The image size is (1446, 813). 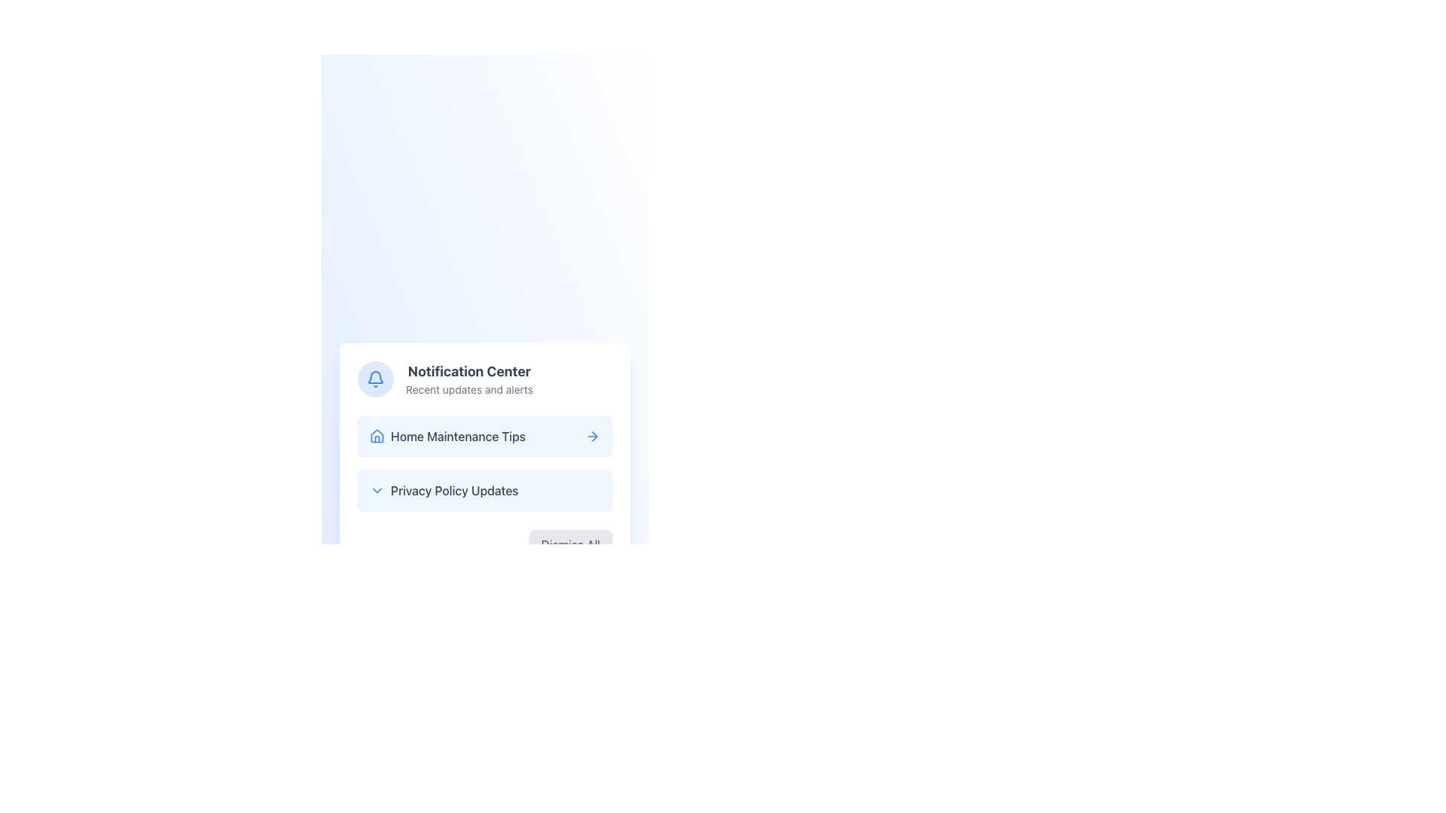 I want to click on the downward-facing chevron arrow icon styled in blue, located to the immediate left of the 'Privacy Policy Updates' text for additional details, so click(x=377, y=490).